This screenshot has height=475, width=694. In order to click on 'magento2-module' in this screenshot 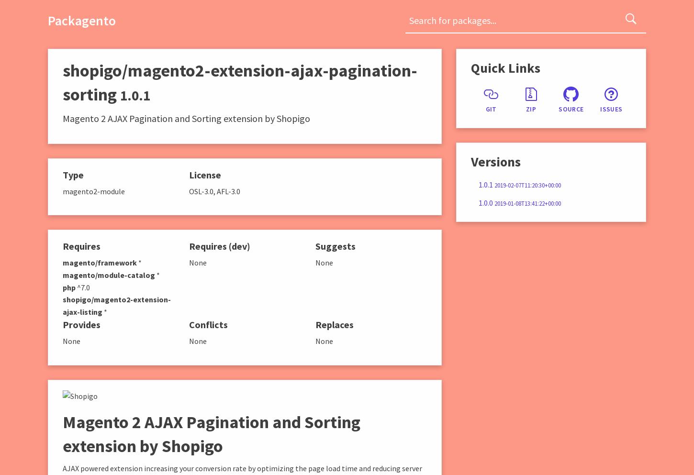, I will do `click(93, 190)`.